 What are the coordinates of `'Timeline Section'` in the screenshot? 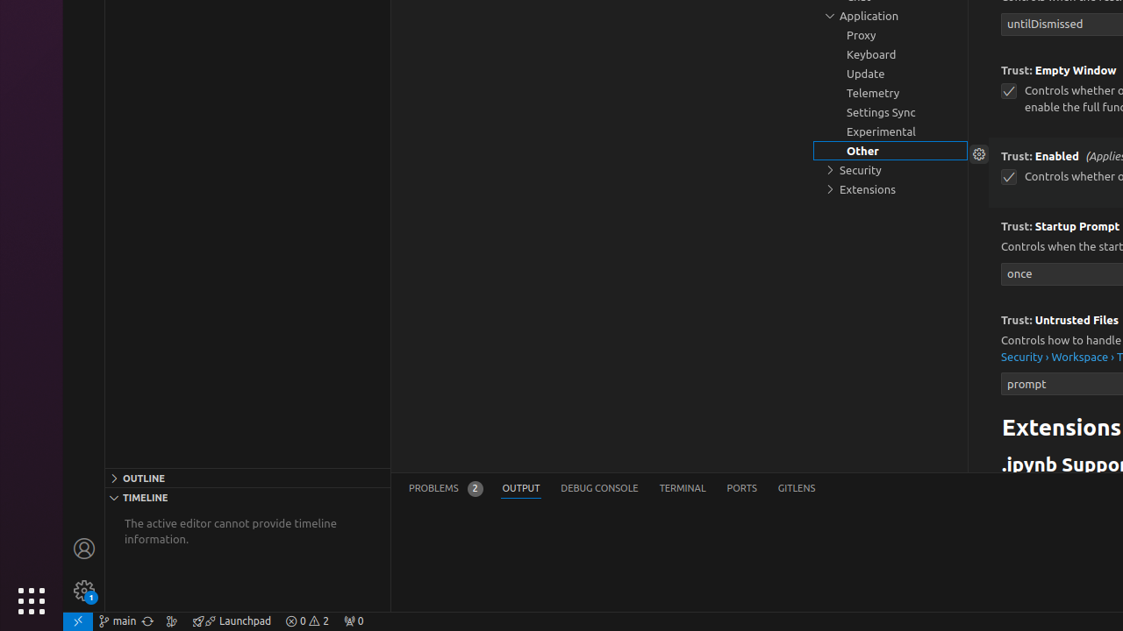 It's located at (247, 497).